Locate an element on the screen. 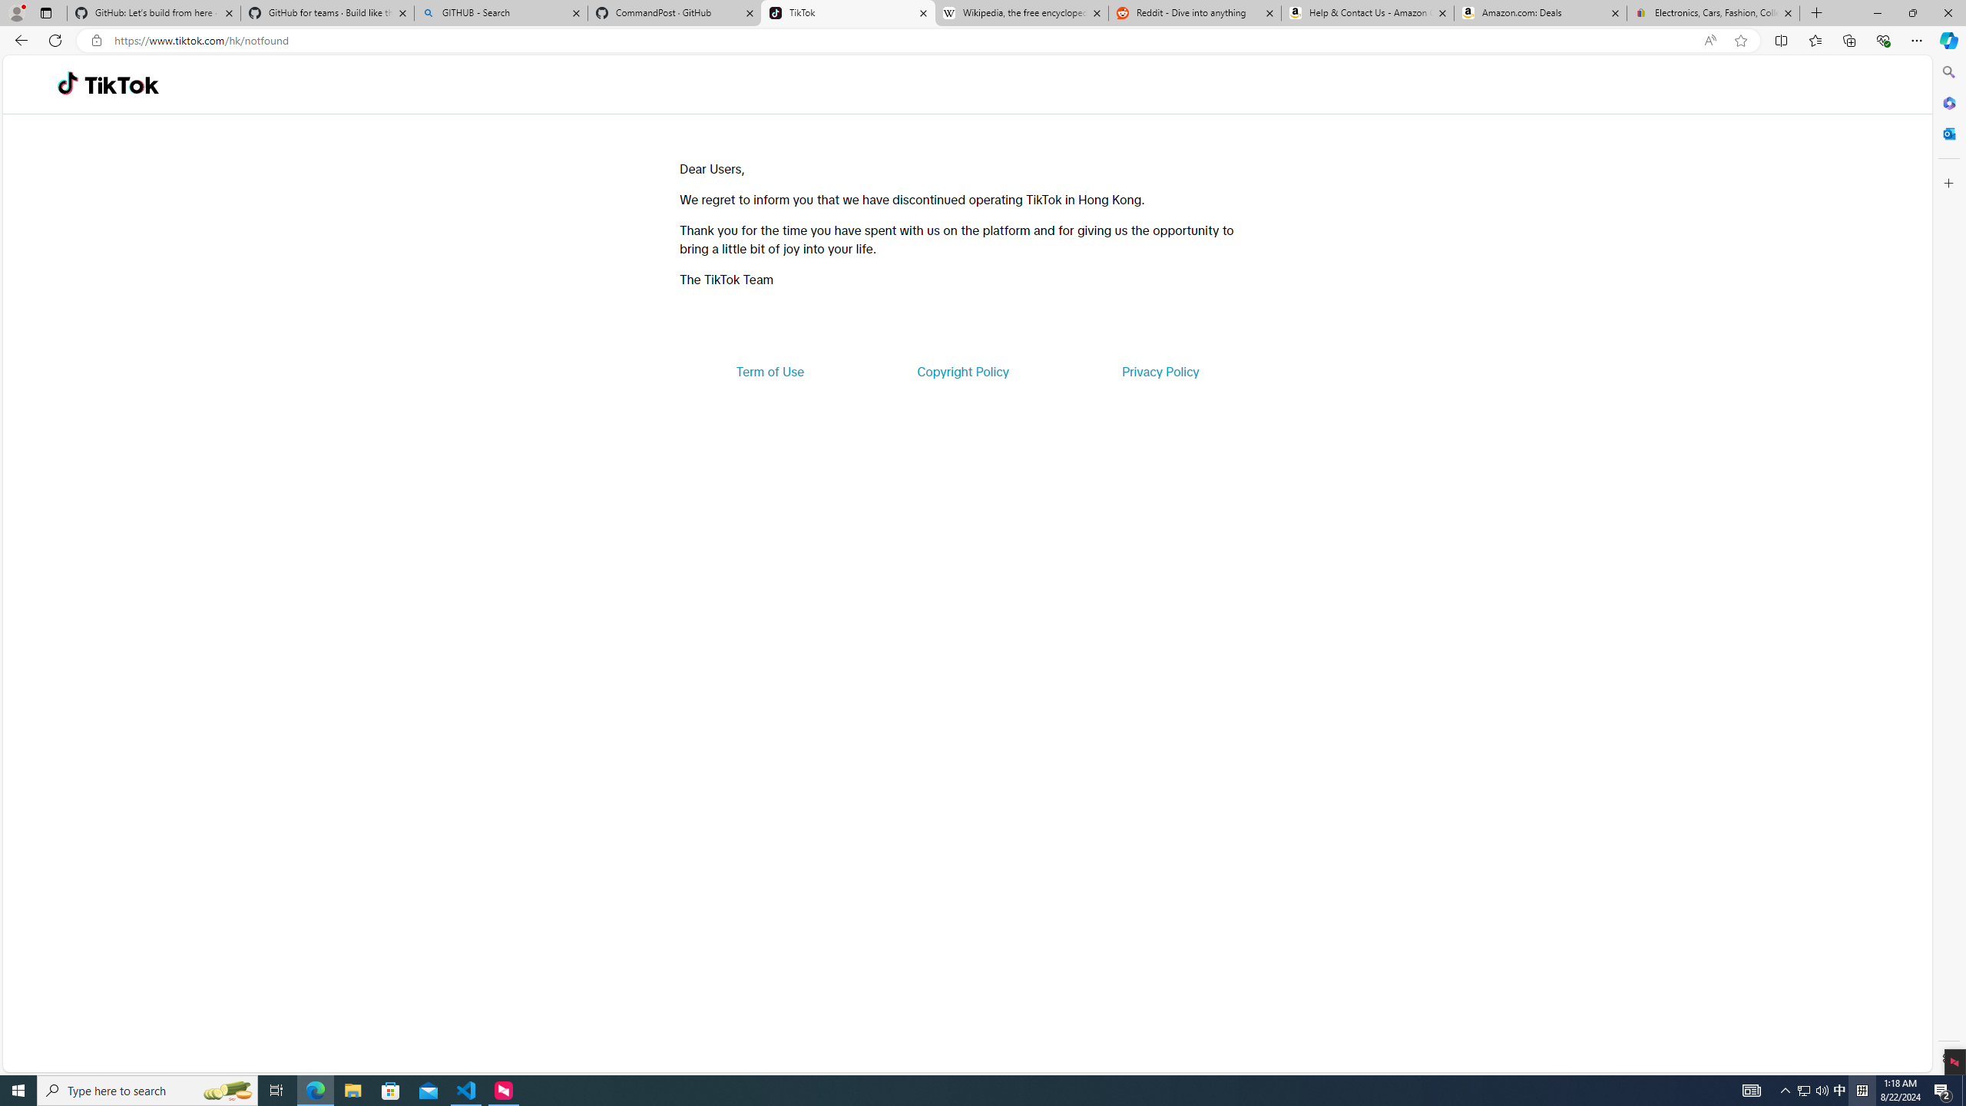 This screenshot has height=1106, width=1966. 'Customize' is located at coordinates (1947, 182).